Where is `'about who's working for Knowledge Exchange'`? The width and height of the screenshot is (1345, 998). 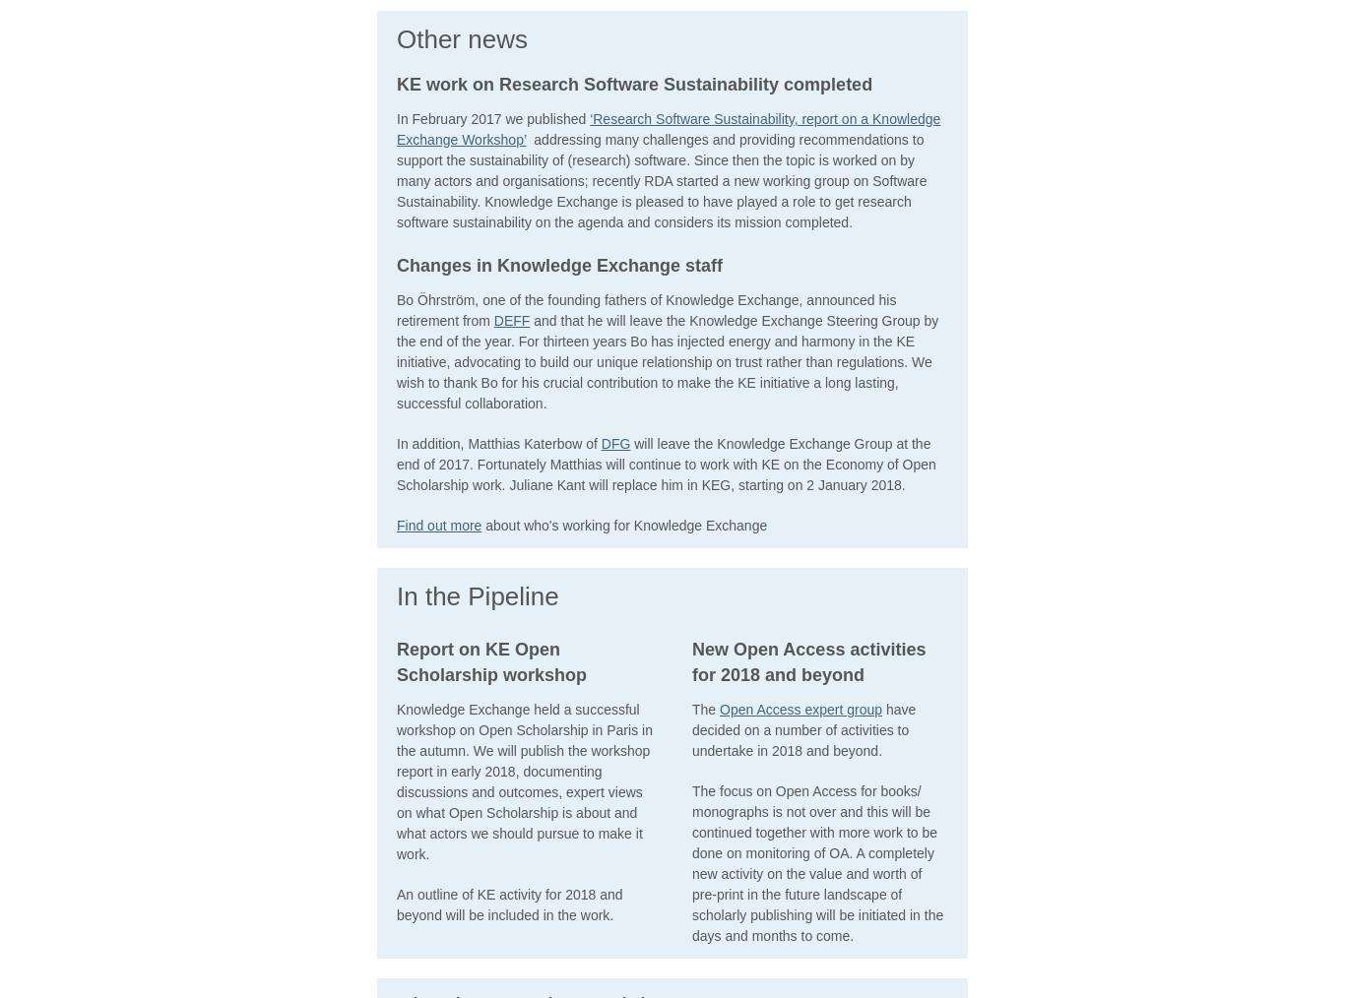
'about who's working for Knowledge Exchange' is located at coordinates (627, 523).